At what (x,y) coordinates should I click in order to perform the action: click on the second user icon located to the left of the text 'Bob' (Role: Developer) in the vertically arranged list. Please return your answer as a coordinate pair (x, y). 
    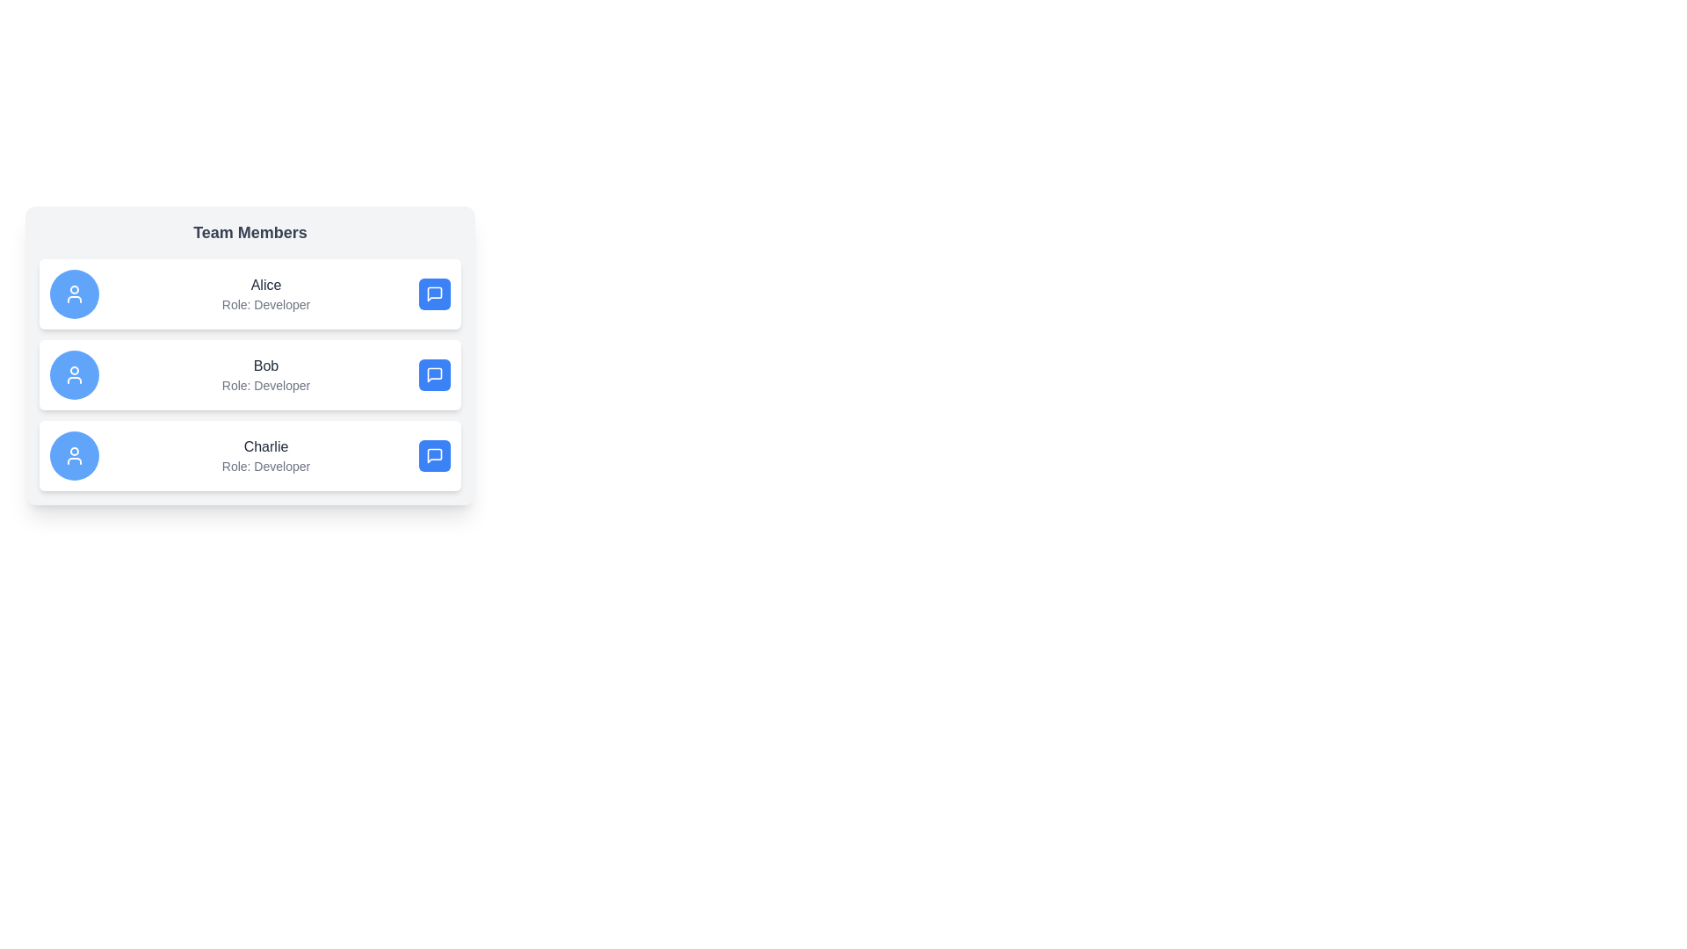
    Looking at the image, I should click on (74, 374).